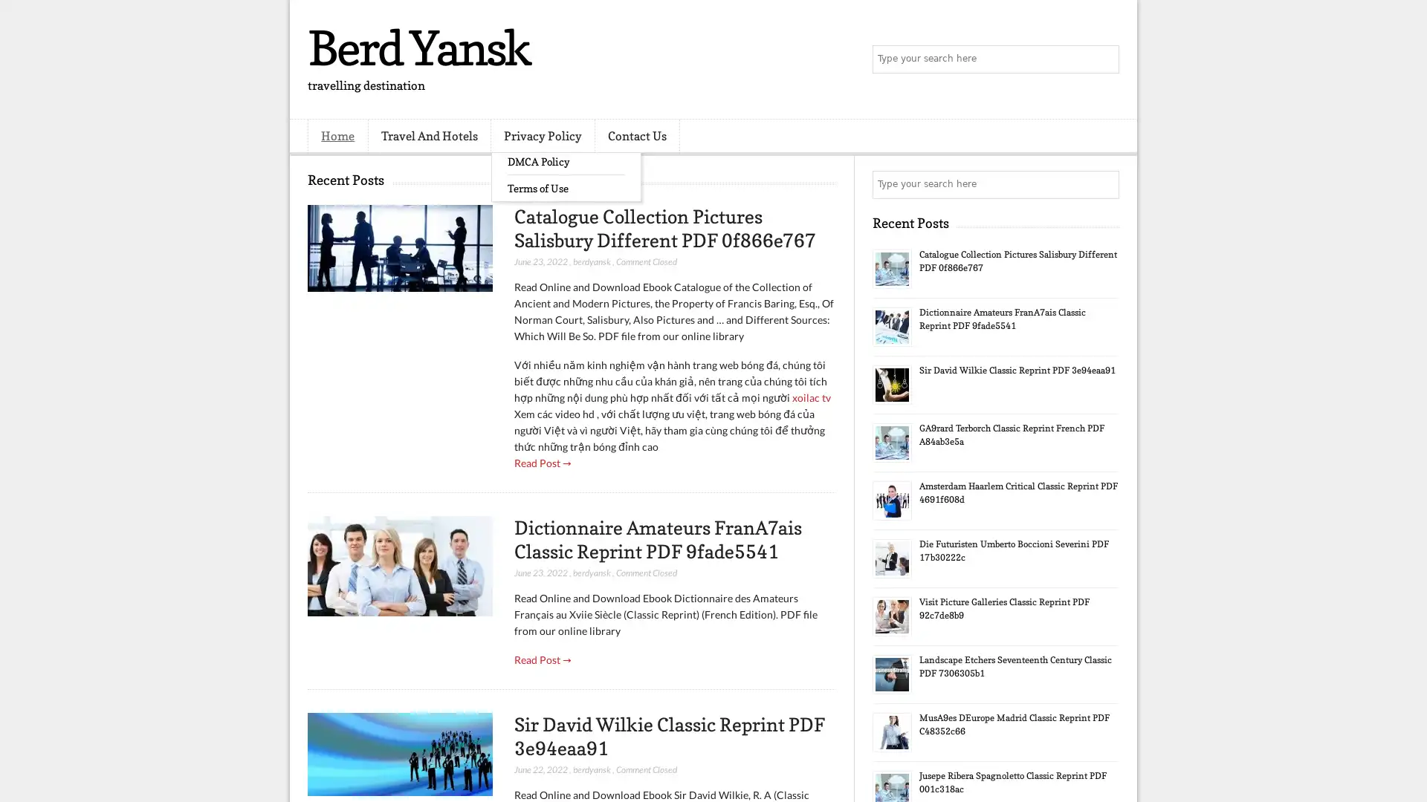 The width and height of the screenshot is (1427, 802). What do you see at coordinates (1104, 59) in the screenshot?
I see `Search` at bounding box center [1104, 59].